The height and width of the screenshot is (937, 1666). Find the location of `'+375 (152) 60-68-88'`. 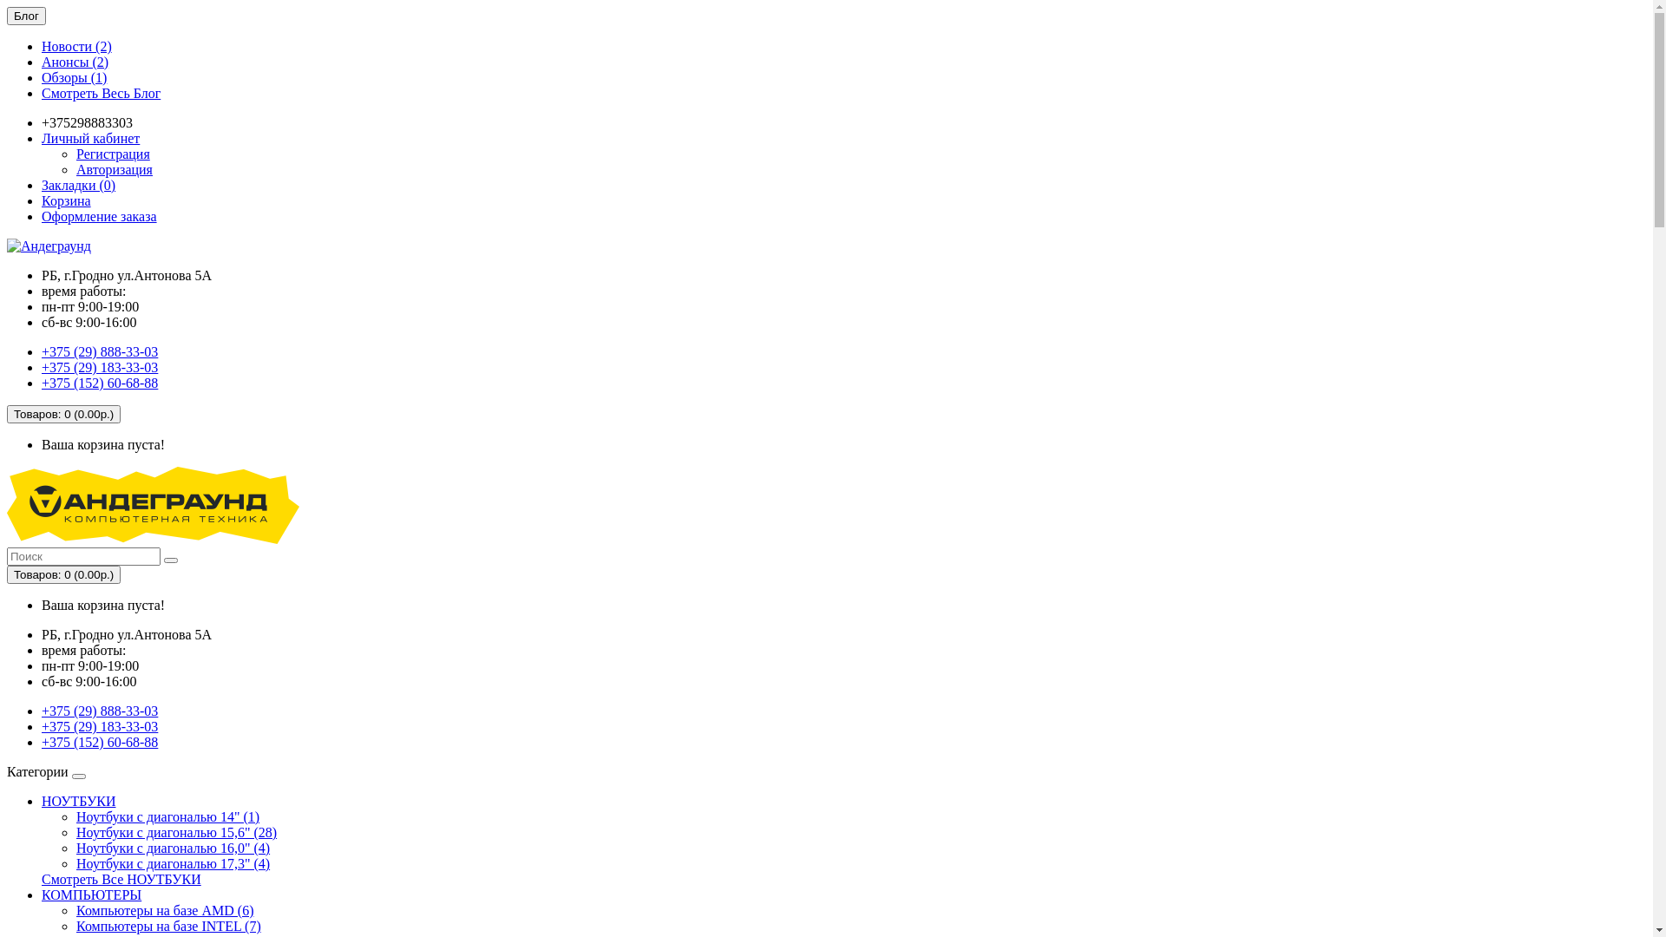

'+375 (152) 60-68-88' is located at coordinates (99, 382).